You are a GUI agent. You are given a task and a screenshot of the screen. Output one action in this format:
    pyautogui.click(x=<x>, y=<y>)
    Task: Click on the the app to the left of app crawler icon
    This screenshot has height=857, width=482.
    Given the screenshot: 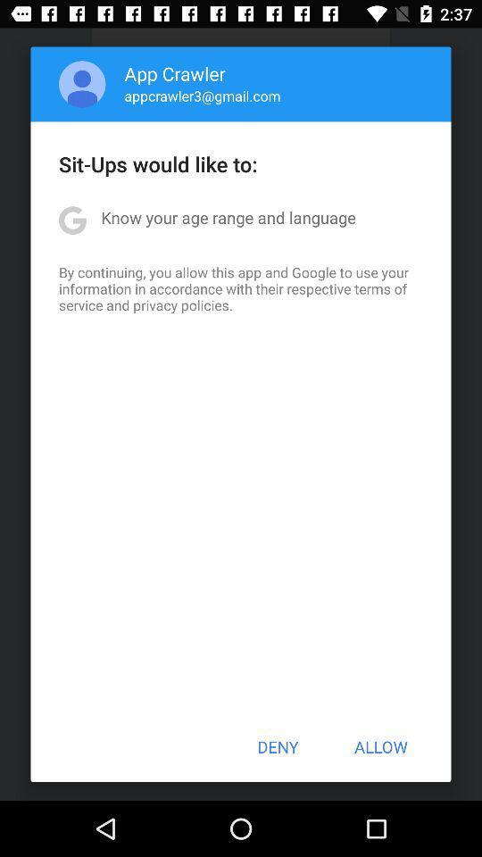 What is the action you would take?
    pyautogui.click(x=81, y=84)
    